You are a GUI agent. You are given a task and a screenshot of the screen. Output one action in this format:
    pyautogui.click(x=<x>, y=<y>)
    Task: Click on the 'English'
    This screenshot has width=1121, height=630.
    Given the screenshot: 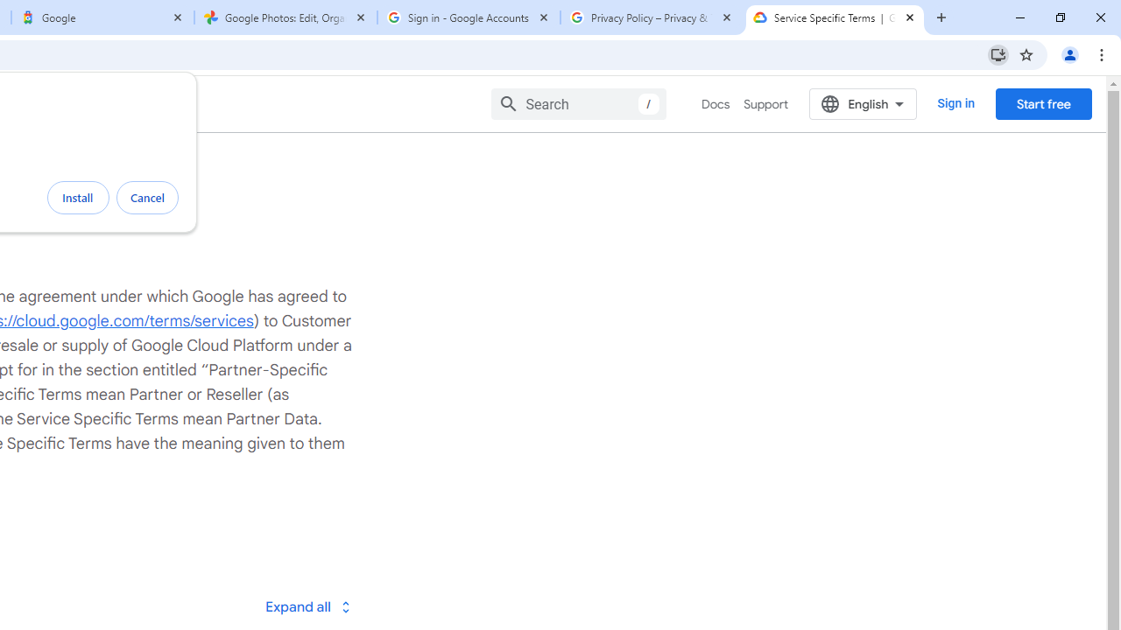 What is the action you would take?
    pyautogui.click(x=863, y=103)
    